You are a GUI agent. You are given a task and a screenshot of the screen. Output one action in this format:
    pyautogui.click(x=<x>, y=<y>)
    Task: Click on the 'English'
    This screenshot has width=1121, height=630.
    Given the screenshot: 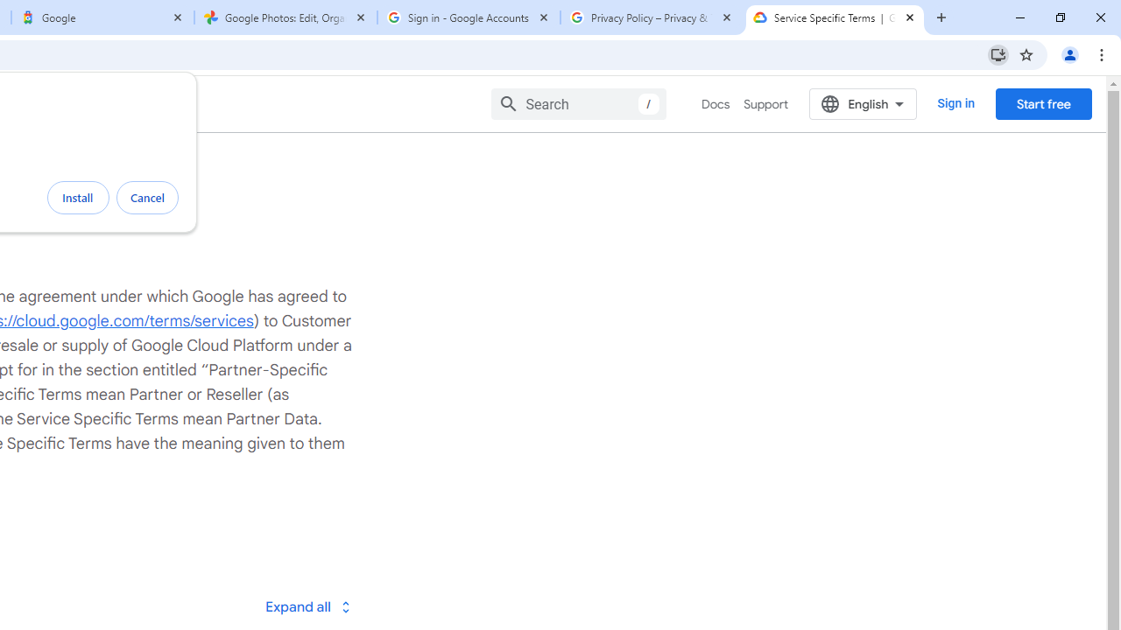 What is the action you would take?
    pyautogui.click(x=863, y=103)
    